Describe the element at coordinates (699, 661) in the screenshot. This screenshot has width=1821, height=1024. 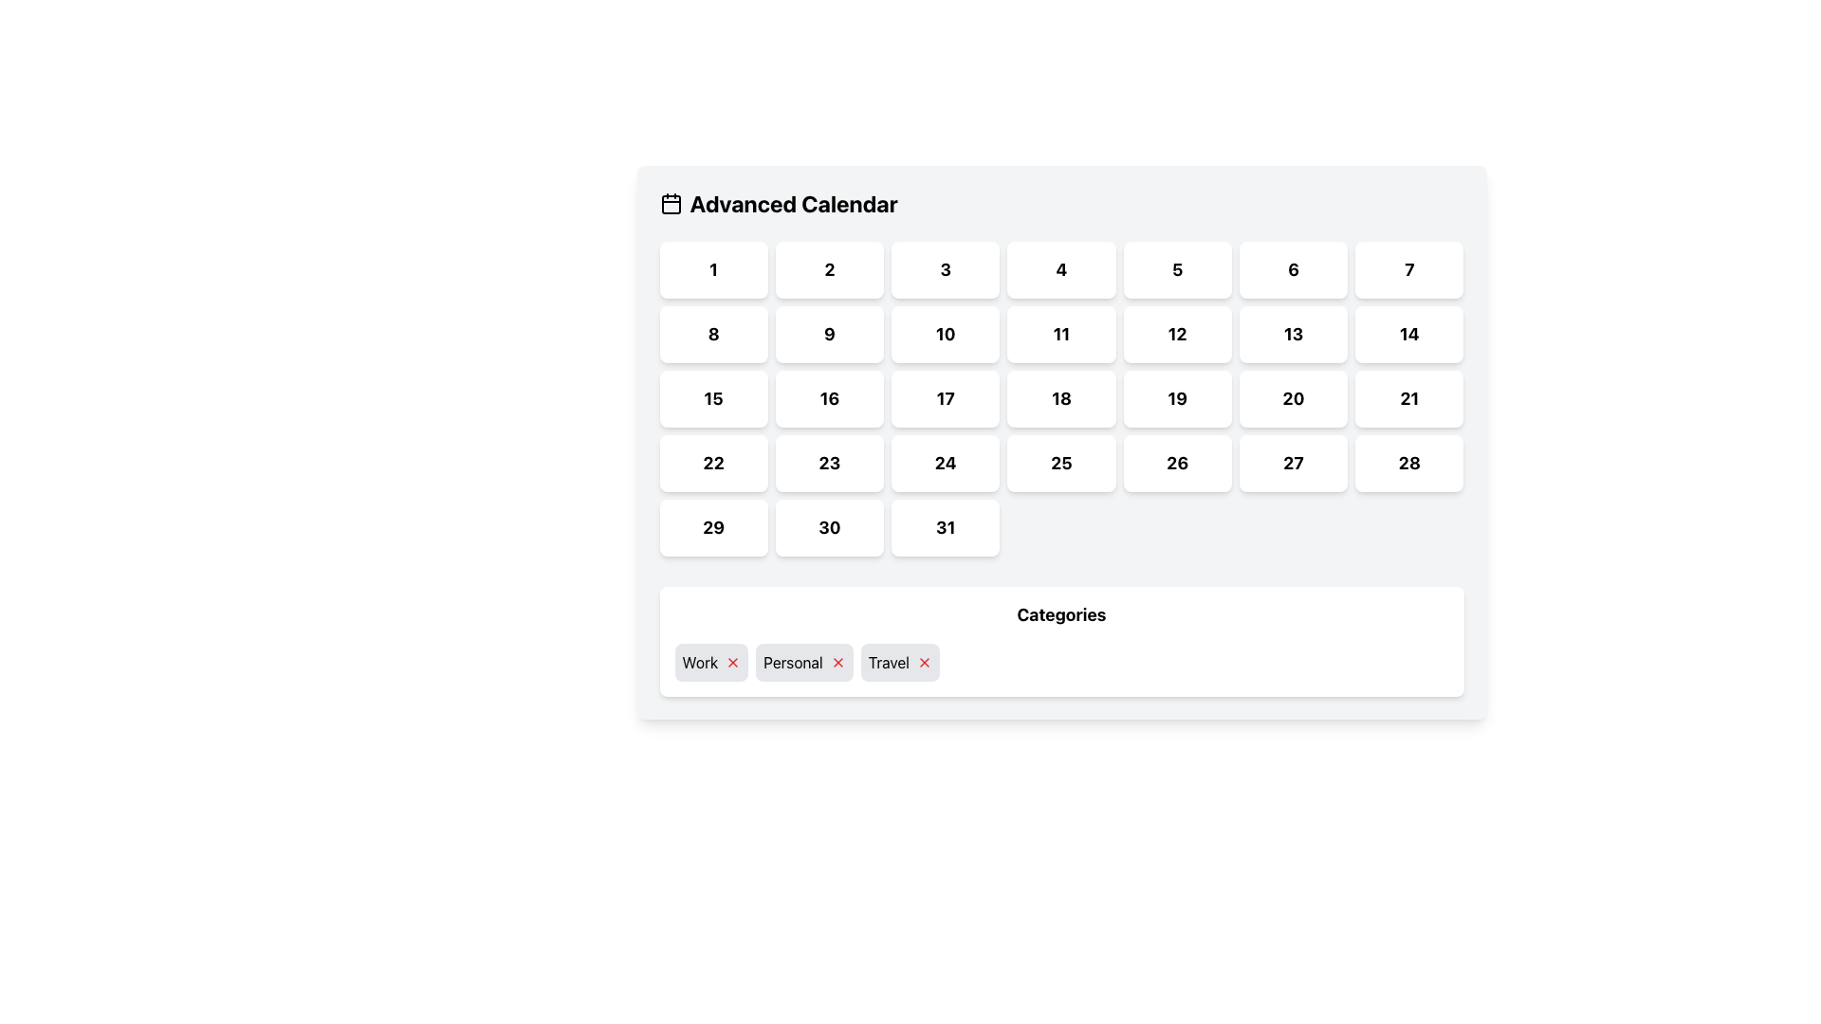
I see `the bold, black text labeled 'Work' located within the light gray rounded rectangle background in the 'Categories' section at the bottom of the interface` at that location.